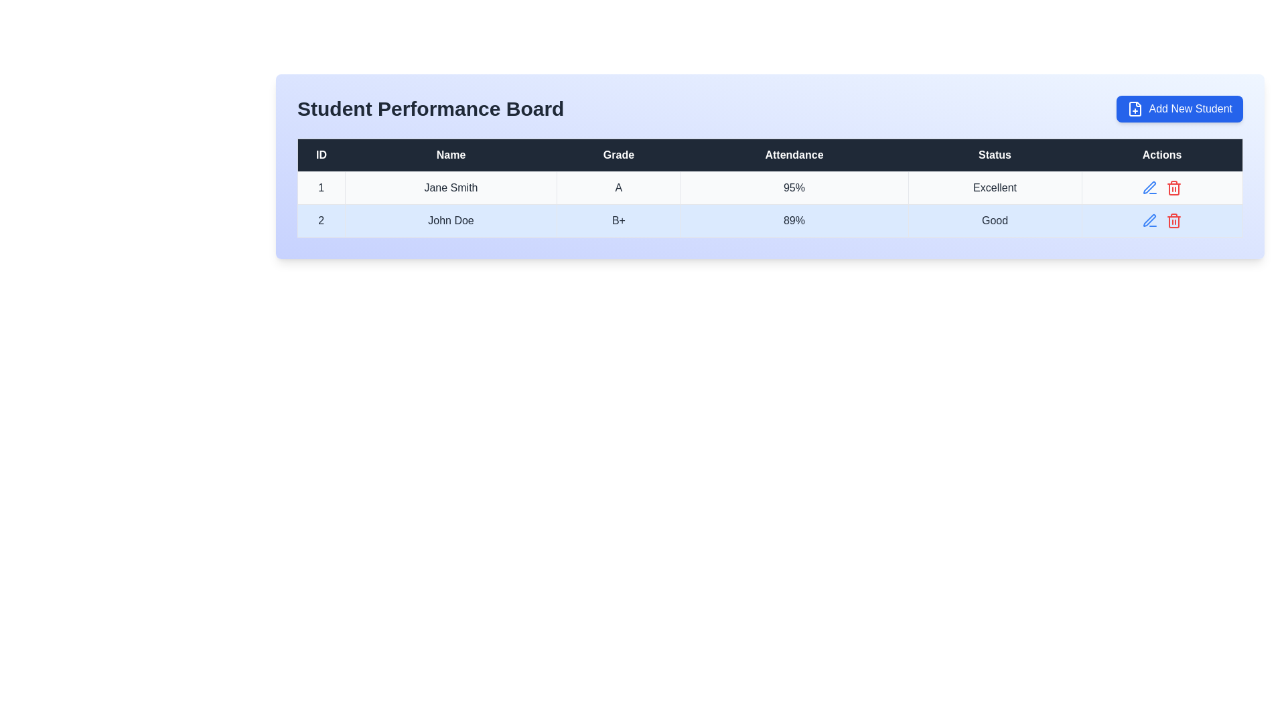 Image resolution: width=1286 pixels, height=723 pixels. Describe the element at coordinates (451, 220) in the screenshot. I see `the text label displaying the name 'John Doe' in the 'Name' column of the performance board's table, which is located in the second row, adjacent to '2' in the 'ID' column and 'B+' in the 'Grade' column` at that location.